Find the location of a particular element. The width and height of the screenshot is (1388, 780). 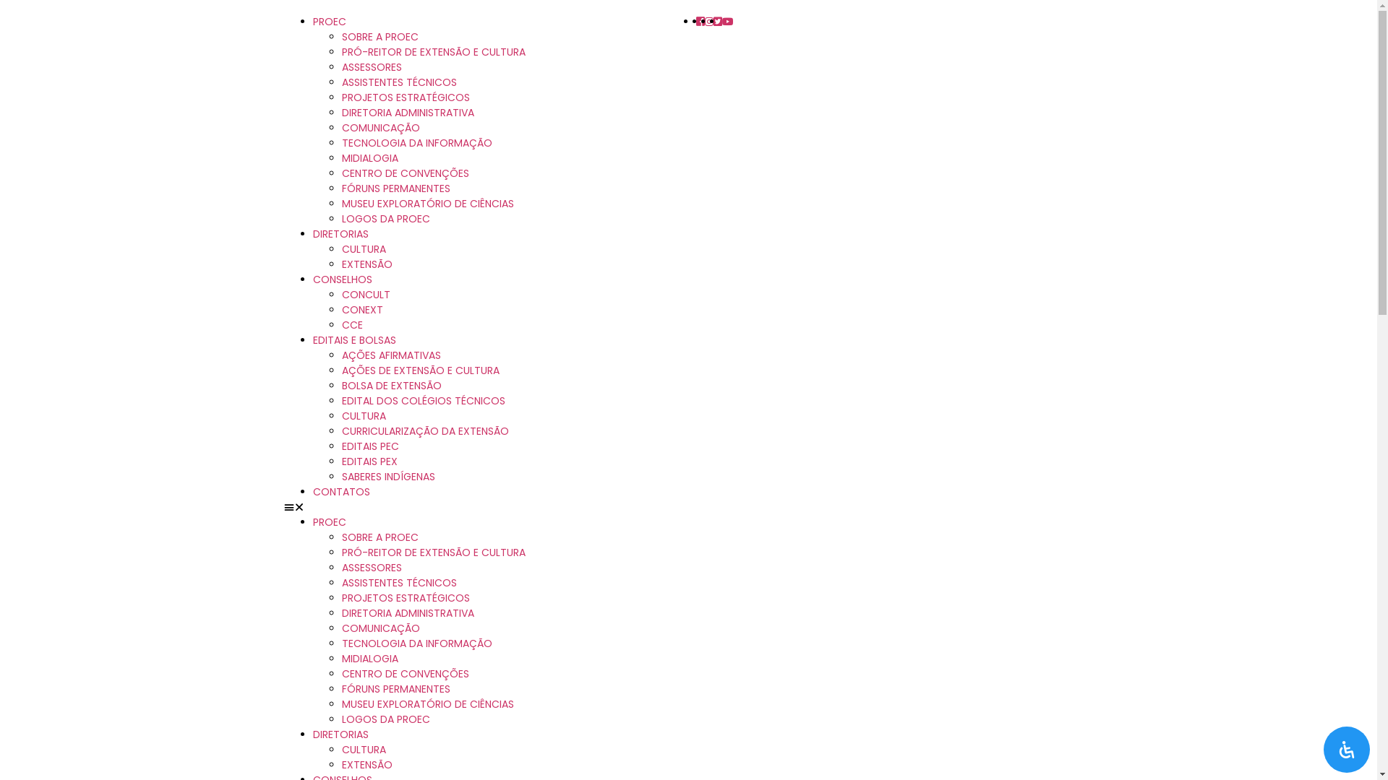

'Acessibilidade' is located at coordinates (1345, 748).